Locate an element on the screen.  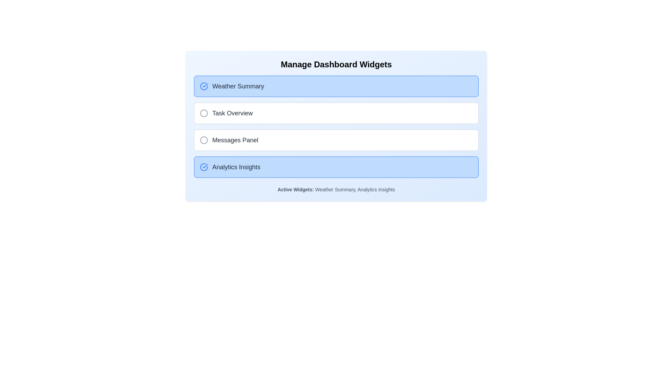
the outlined circle icon representing 'Task Overview', which is the second item in the vertical list, between 'Weather Summary' and 'Messages Panel' is located at coordinates (204, 113).